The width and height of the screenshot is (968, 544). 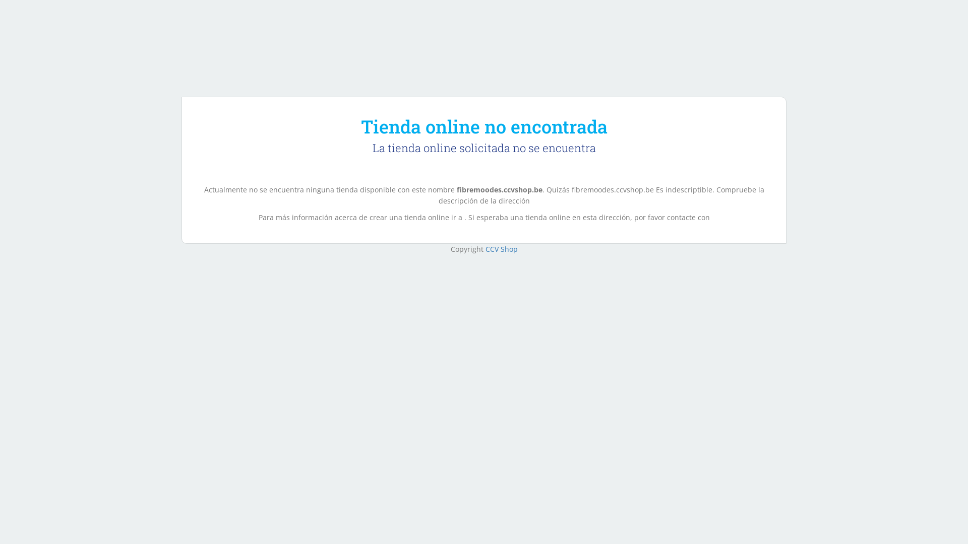 I want to click on 'CCV Shop', so click(x=501, y=249).